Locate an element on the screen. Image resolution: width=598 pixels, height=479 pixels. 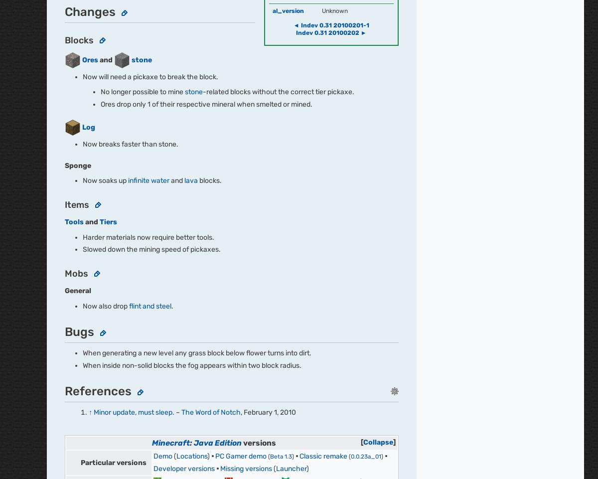
'What is Fandom?' is located at coordinates (195, 150).